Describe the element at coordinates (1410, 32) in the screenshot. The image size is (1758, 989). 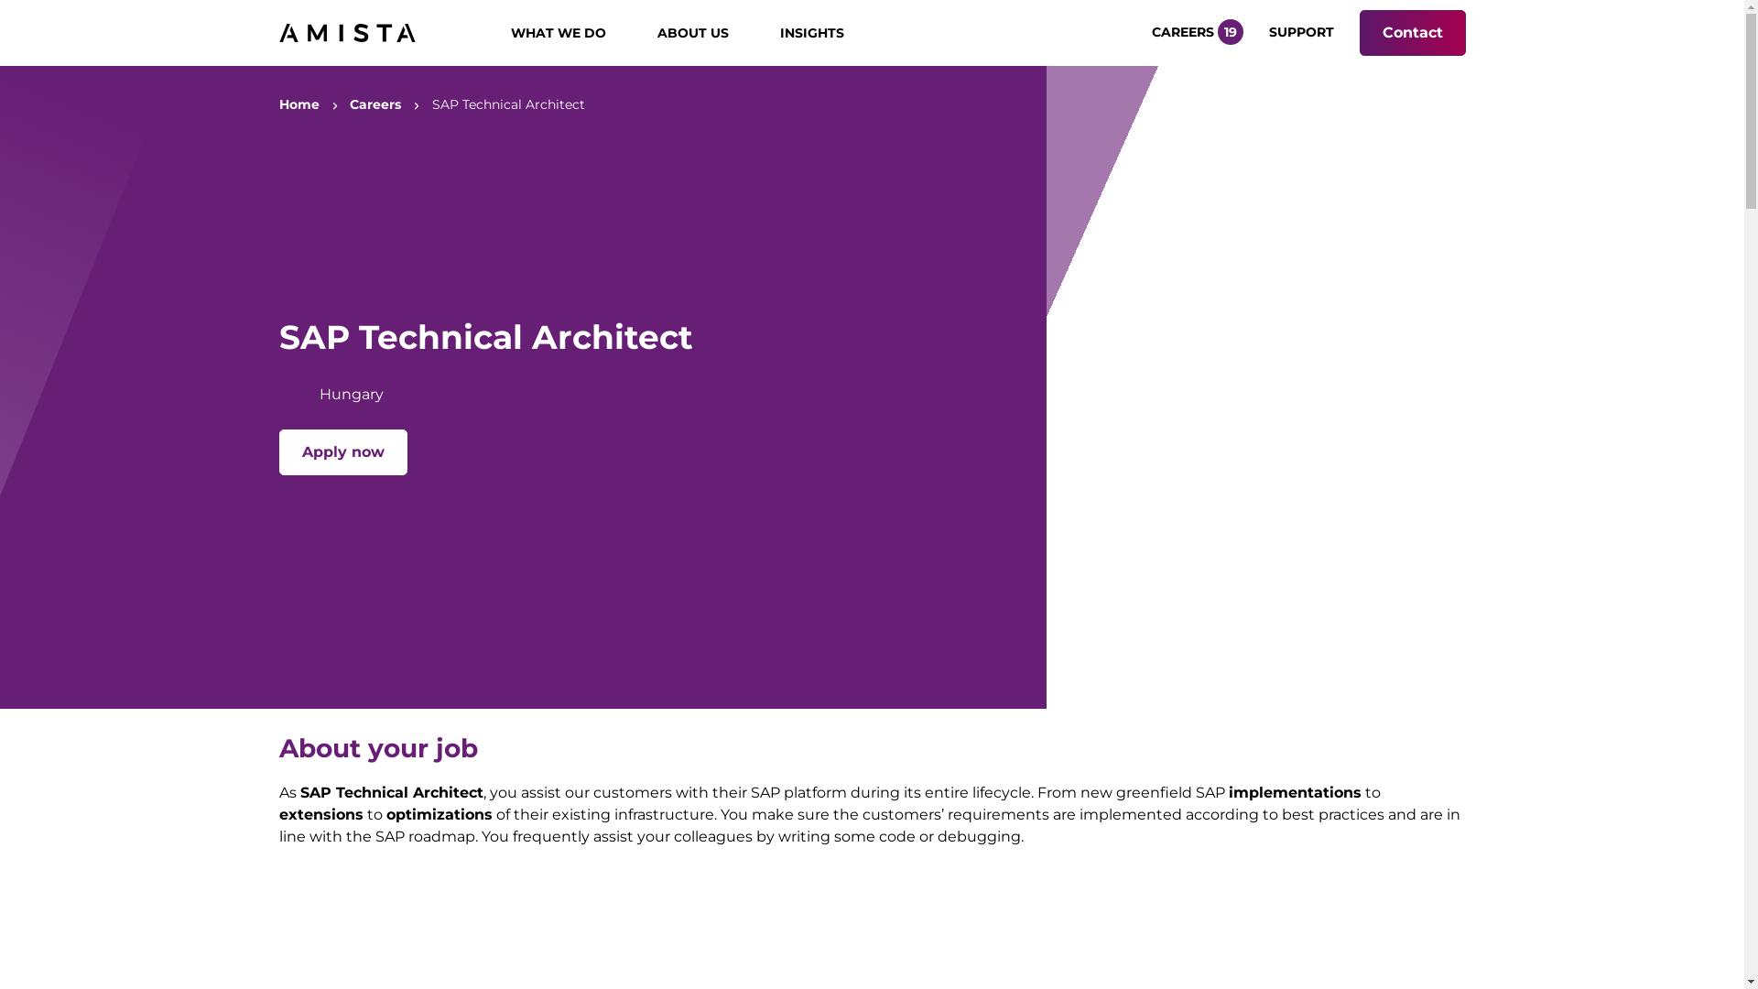
I see `'Contact'` at that location.